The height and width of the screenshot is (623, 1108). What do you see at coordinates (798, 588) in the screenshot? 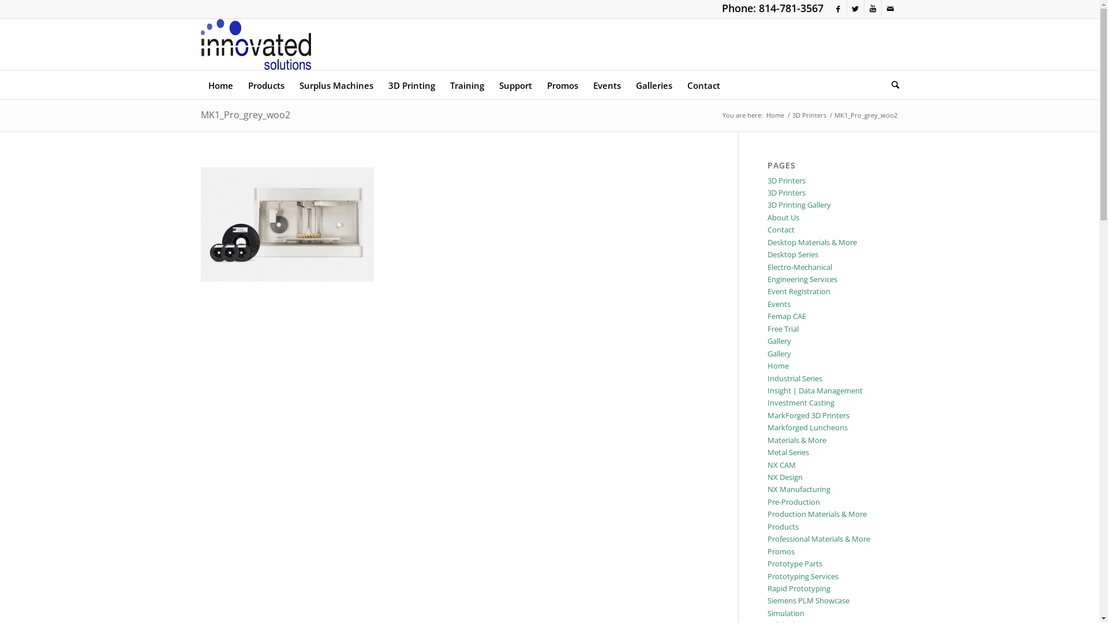
I see `'Rapid Prototyping'` at bounding box center [798, 588].